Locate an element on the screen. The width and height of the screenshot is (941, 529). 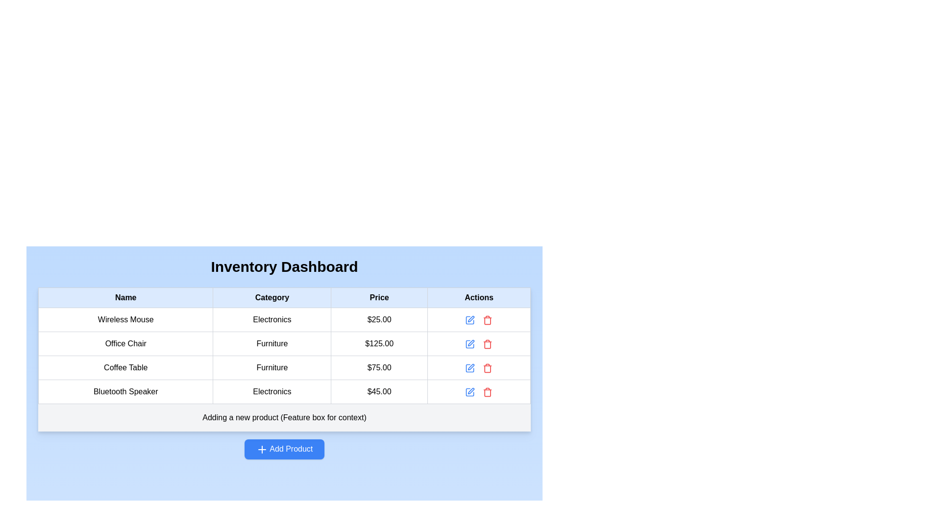
the trash icon button in the 'Actions' column of the last row in the inventory table is located at coordinates (488, 391).